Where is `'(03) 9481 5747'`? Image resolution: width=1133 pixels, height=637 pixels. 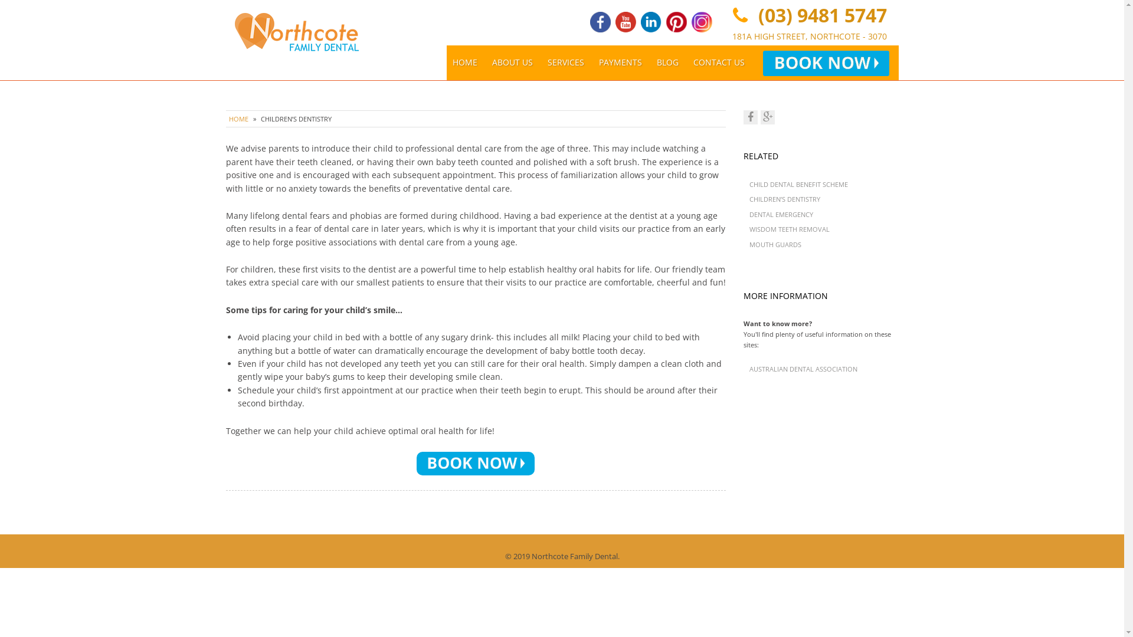 '(03) 9481 5747' is located at coordinates (752, 15).